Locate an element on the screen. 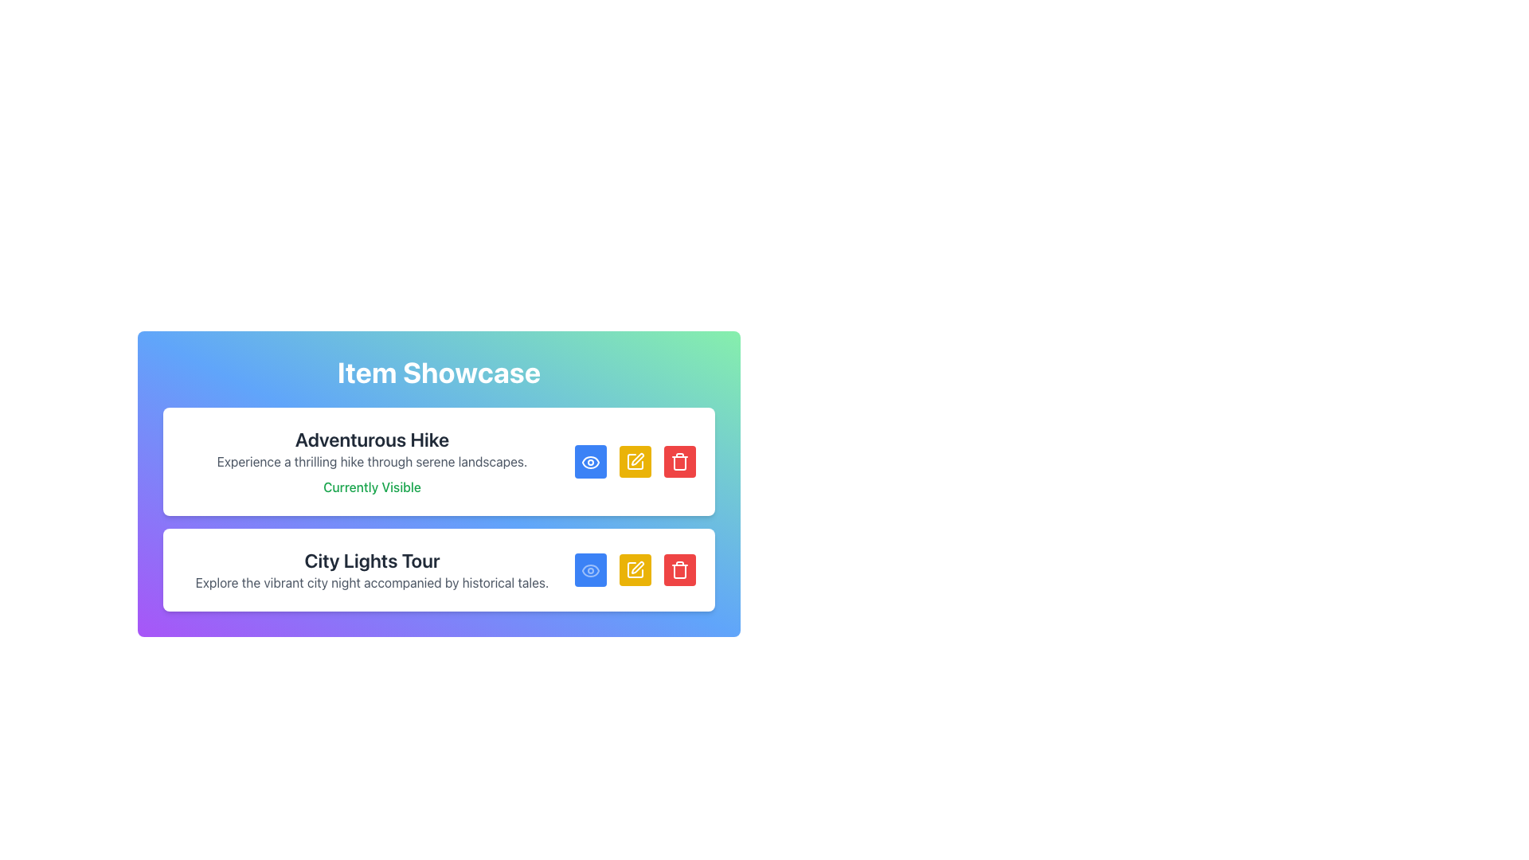  the delete button, which is the last interactive control in the action control group is located at coordinates (680, 569).